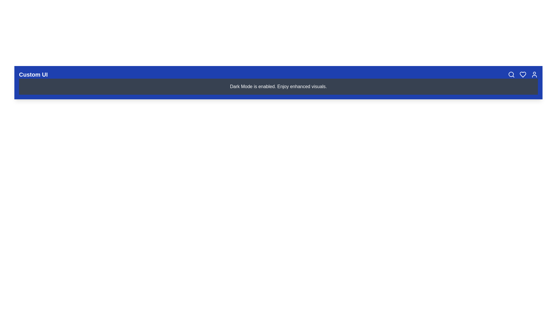  What do you see at coordinates (511, 74) in the screenshot?
I see `the search icon to initiate a search action` at bounding box center [511, 74].